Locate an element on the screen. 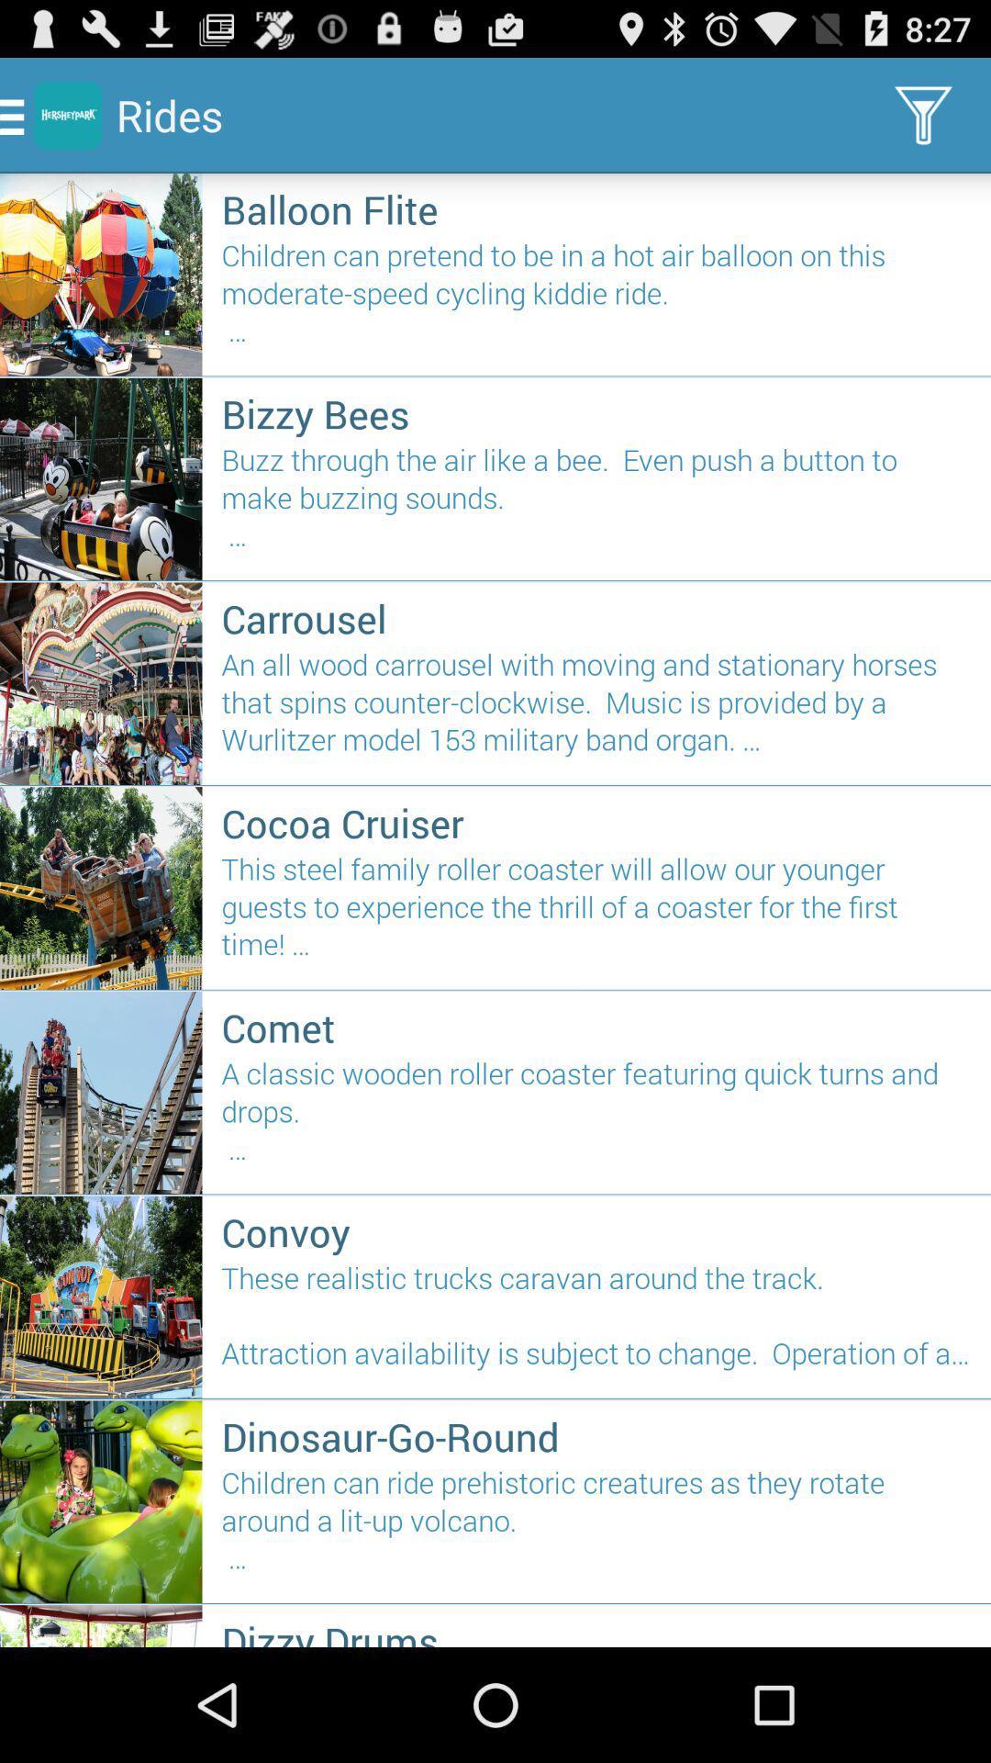 The image size is (991, 1763). this steel family item is located at coordinates (596, 915).